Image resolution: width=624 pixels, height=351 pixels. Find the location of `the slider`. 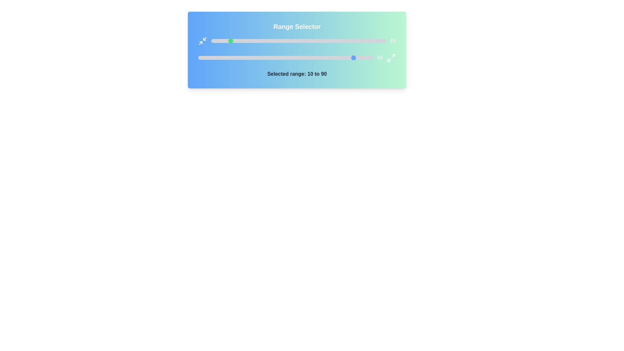

the slider is located at coordinates (335, 41).